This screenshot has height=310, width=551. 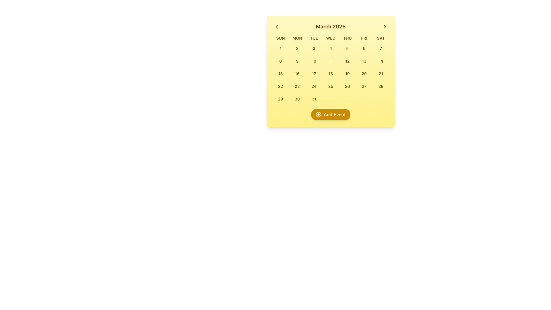 What do you see at coordinates (314, 61) in the screenshot?
I see `the date '10th' in the calendar for March 2025` at bounding box center [314, 61].